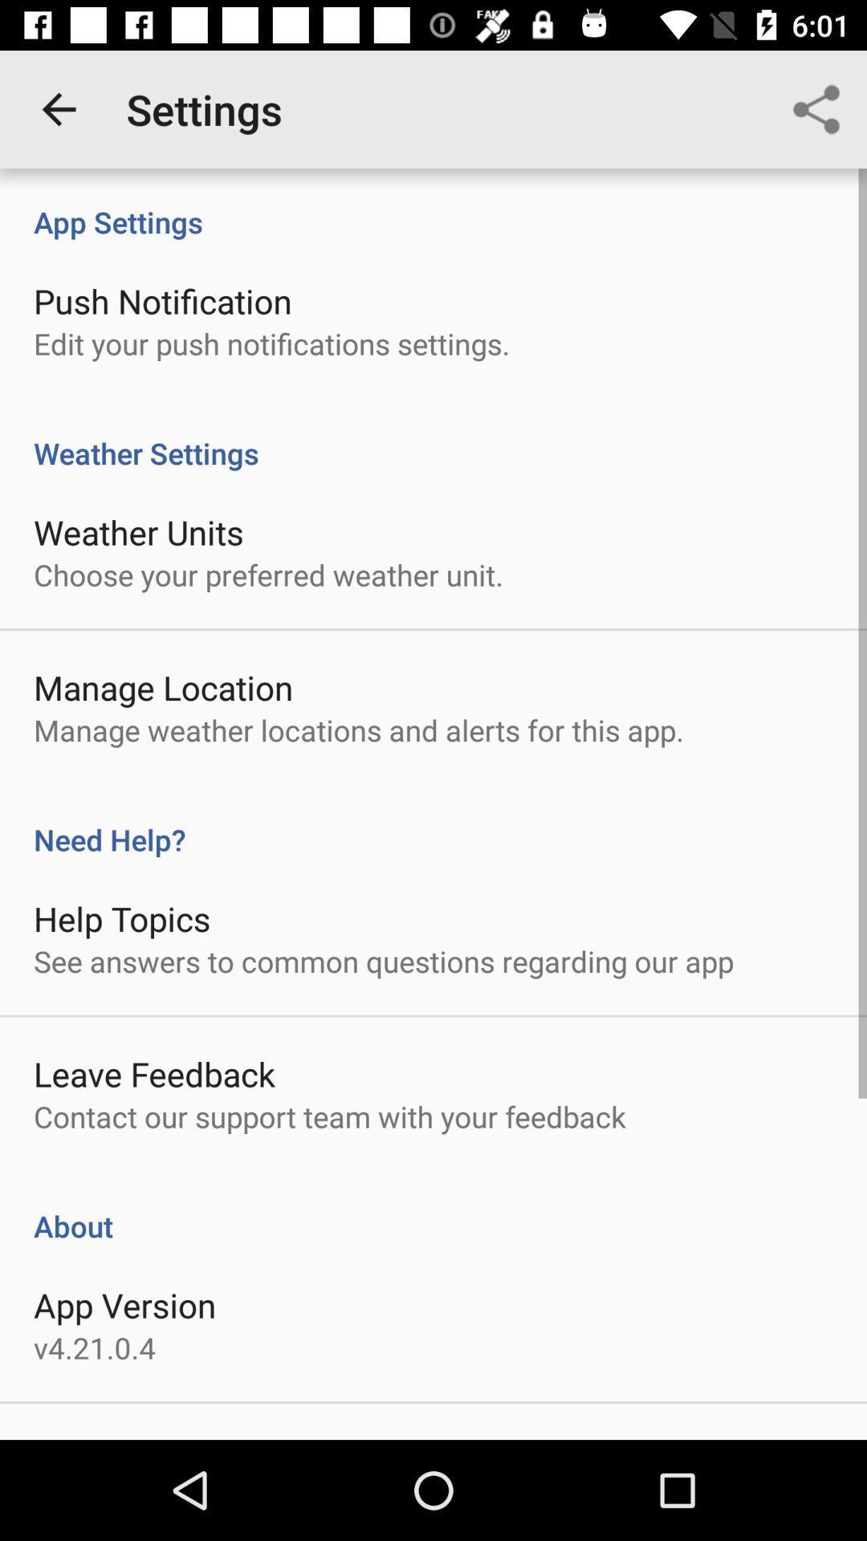  What do you see at coordinates (816, 108) in the screenshot?
I see `the item to the right of the settings` at bounding box center [816, 108].